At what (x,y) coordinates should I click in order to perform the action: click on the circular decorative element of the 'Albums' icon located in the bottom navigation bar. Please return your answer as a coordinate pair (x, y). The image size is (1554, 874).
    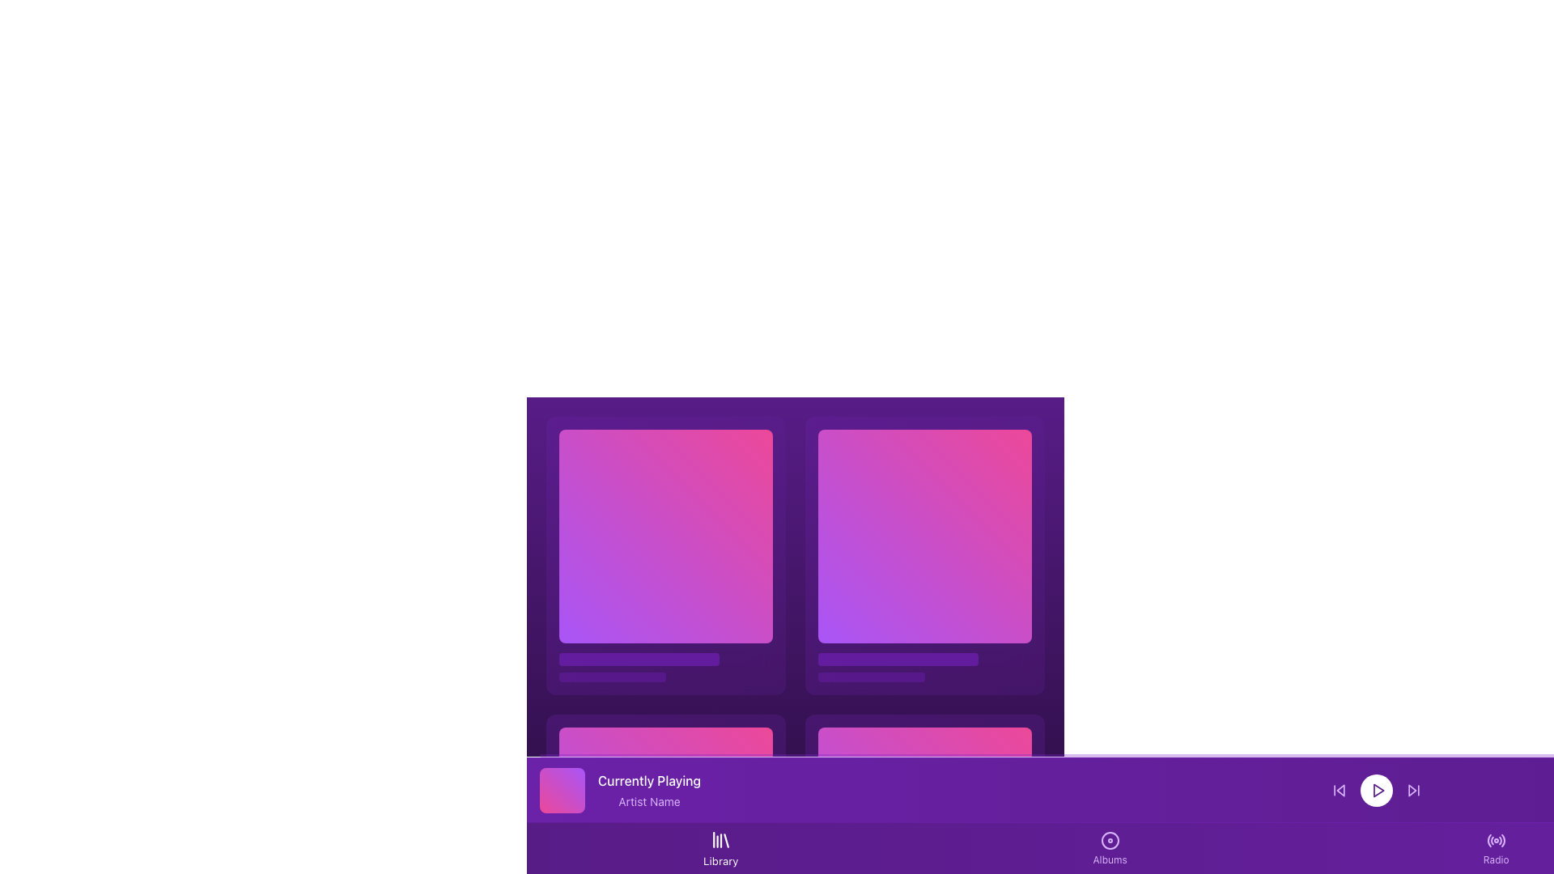
    Looking at the image, I should click on (1109, 839).